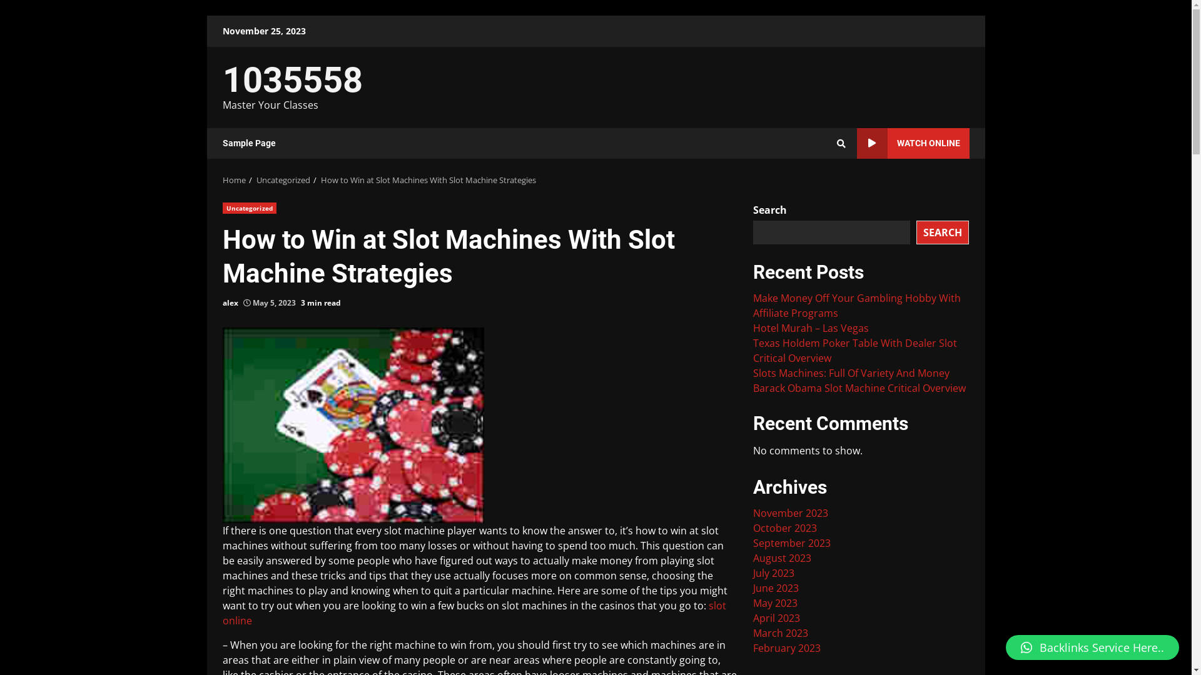 The image size is (1201, 675). I want to click on 'September 2023', so click(791, 542).